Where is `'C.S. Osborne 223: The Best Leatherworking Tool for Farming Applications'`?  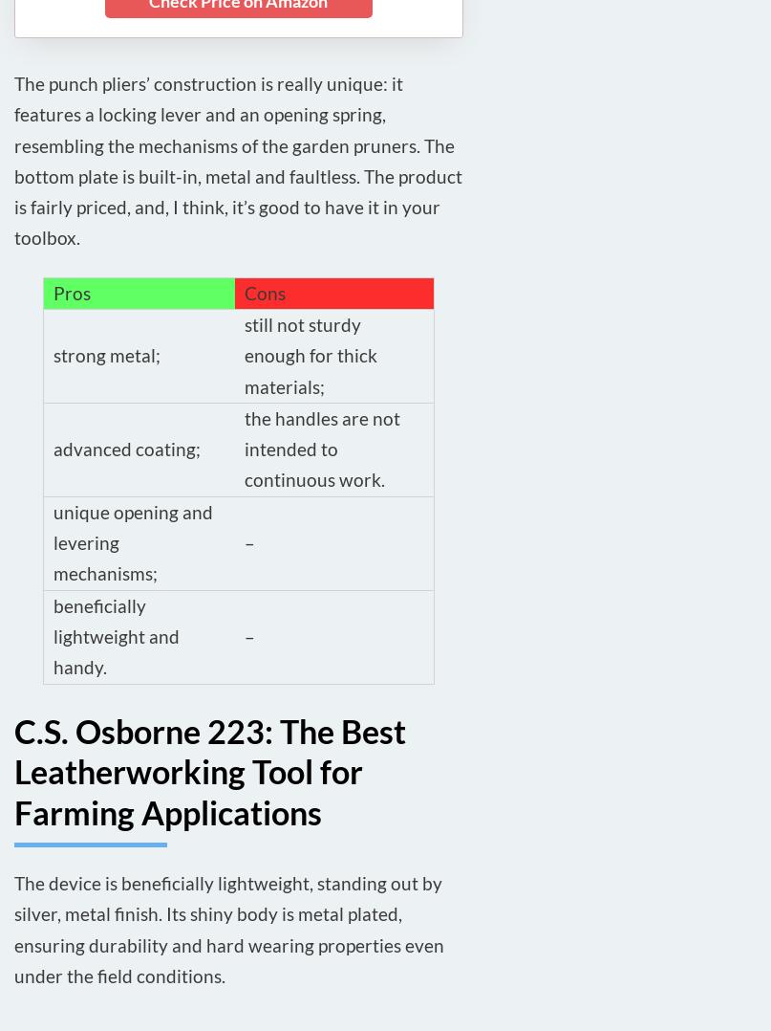 'C.S. Osborne 223: The Best Leatherworking Tool for Farming Applications' is located at coordinates (209, 770).